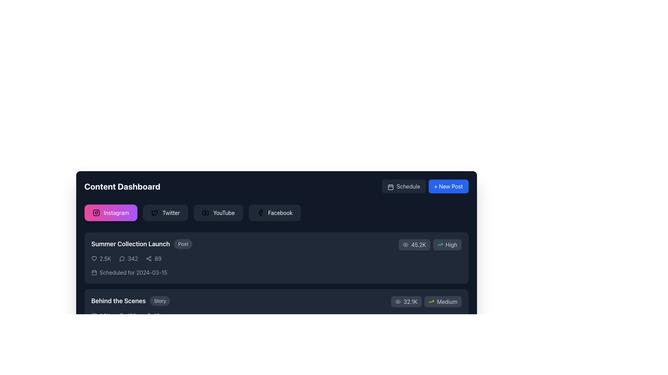  I want to click on displayed number from the Text Label that shows a count of comments, located to the right of the comment-like icon in the lower section of the interface, below the 'Behind the Scenes' section heading, so click(132, 316).